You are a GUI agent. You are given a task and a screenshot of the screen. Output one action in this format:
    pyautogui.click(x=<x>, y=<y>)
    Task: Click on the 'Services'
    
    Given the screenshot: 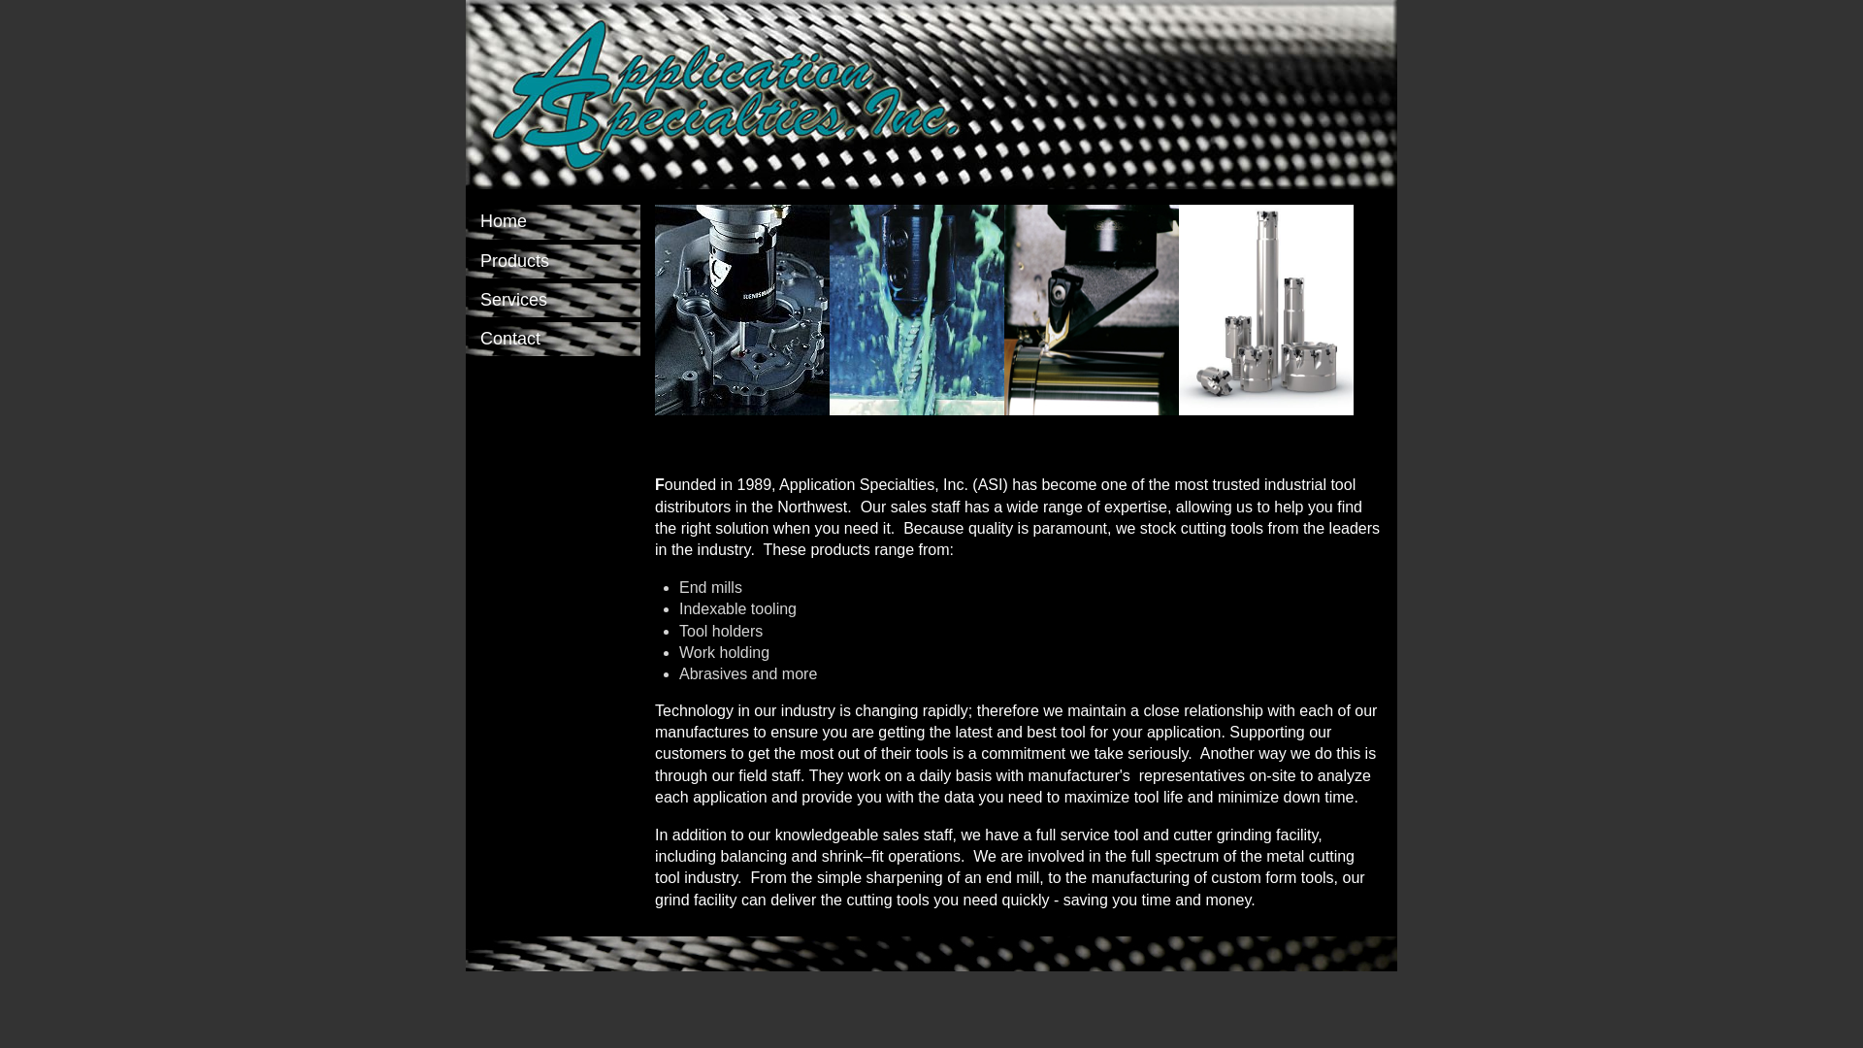 What is the action you would take?
    pyautogui.click(x=552, y=300)
    